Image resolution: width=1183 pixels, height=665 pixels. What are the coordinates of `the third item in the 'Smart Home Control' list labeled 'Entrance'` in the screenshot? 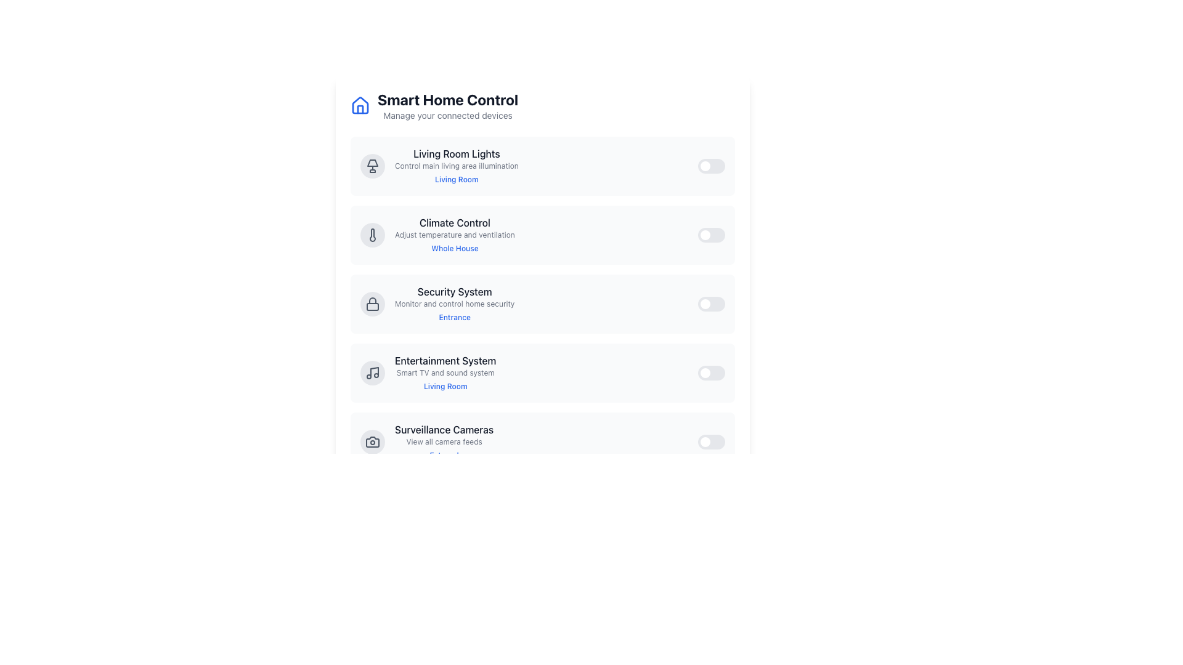 It's located at (437, 304).